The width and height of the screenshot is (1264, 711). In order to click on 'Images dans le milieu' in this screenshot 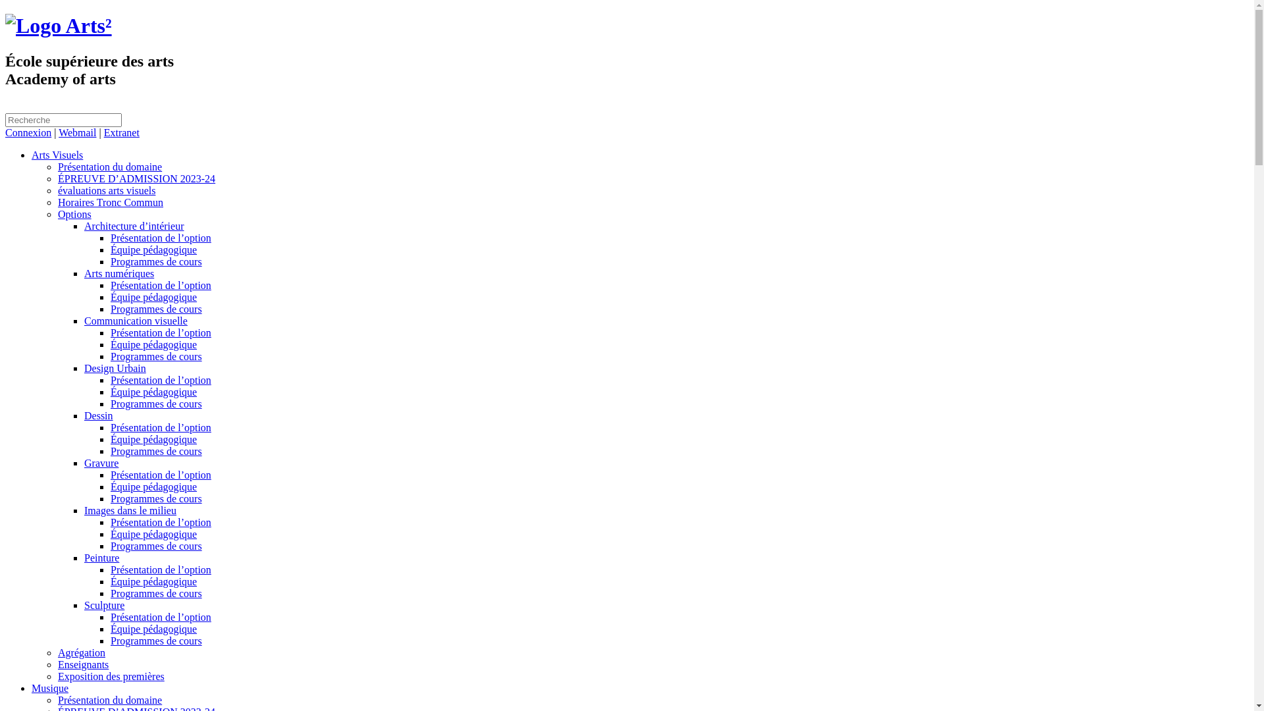, I will do `click(84, 510)`.